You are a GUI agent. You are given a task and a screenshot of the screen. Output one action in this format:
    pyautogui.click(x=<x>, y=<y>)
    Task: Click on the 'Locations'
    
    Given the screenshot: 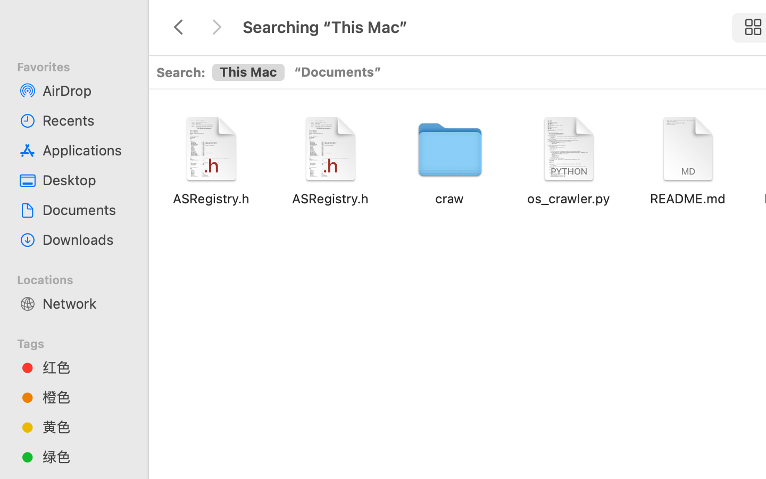 What is the action you would take?
    pyautogui.click(x=80, y=277)
    